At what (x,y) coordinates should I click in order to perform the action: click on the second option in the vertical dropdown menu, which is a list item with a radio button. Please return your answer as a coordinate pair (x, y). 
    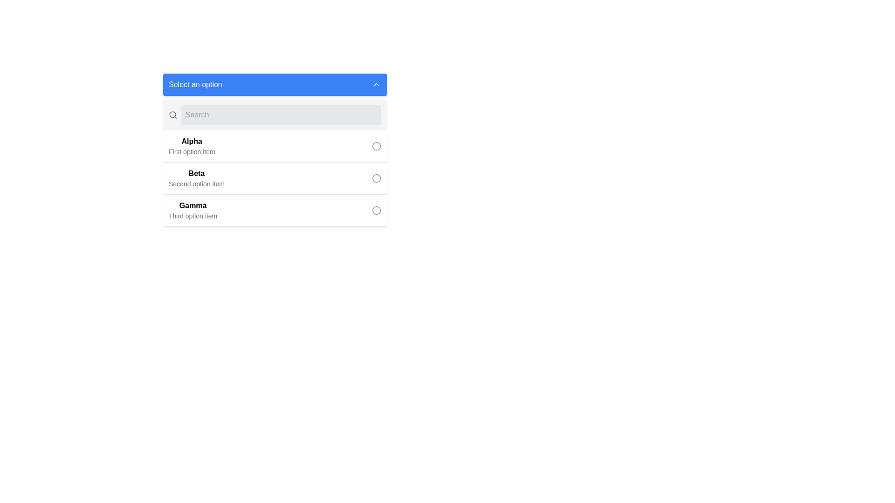
    Looking at the image, I should click on (275, 178).